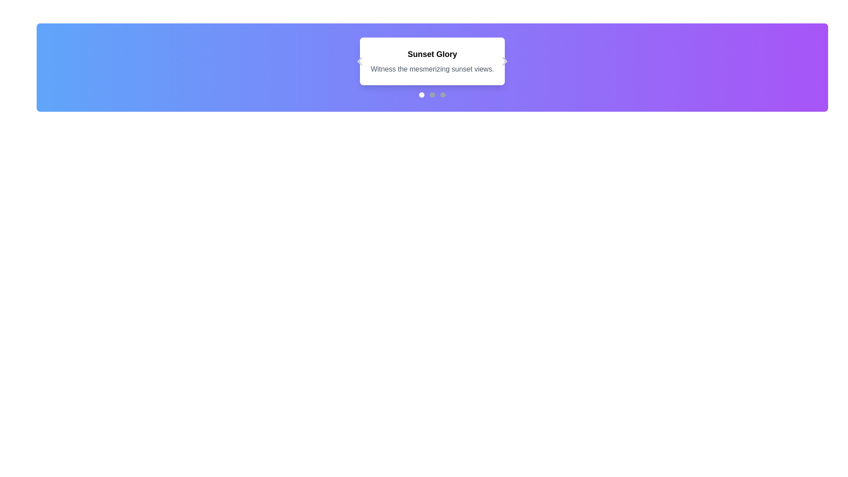 Image resolution: width=848 pixels, height=477 pixels. Describe the element at coordinates (432, 95) in the screenshot. I see `the second circular navigation button for the carousel to change its background color` at that location.